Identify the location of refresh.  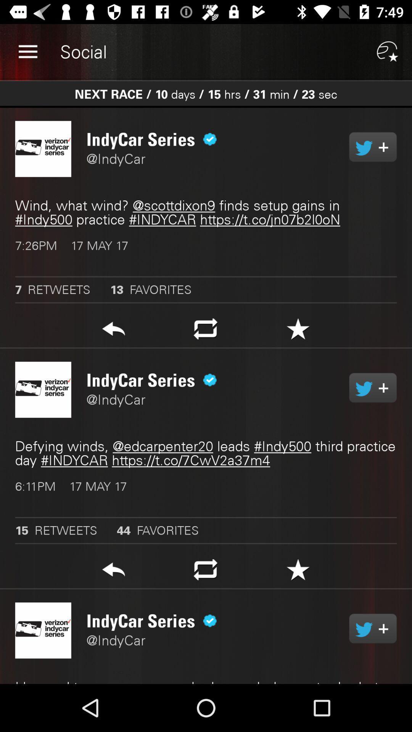
(205, 331).